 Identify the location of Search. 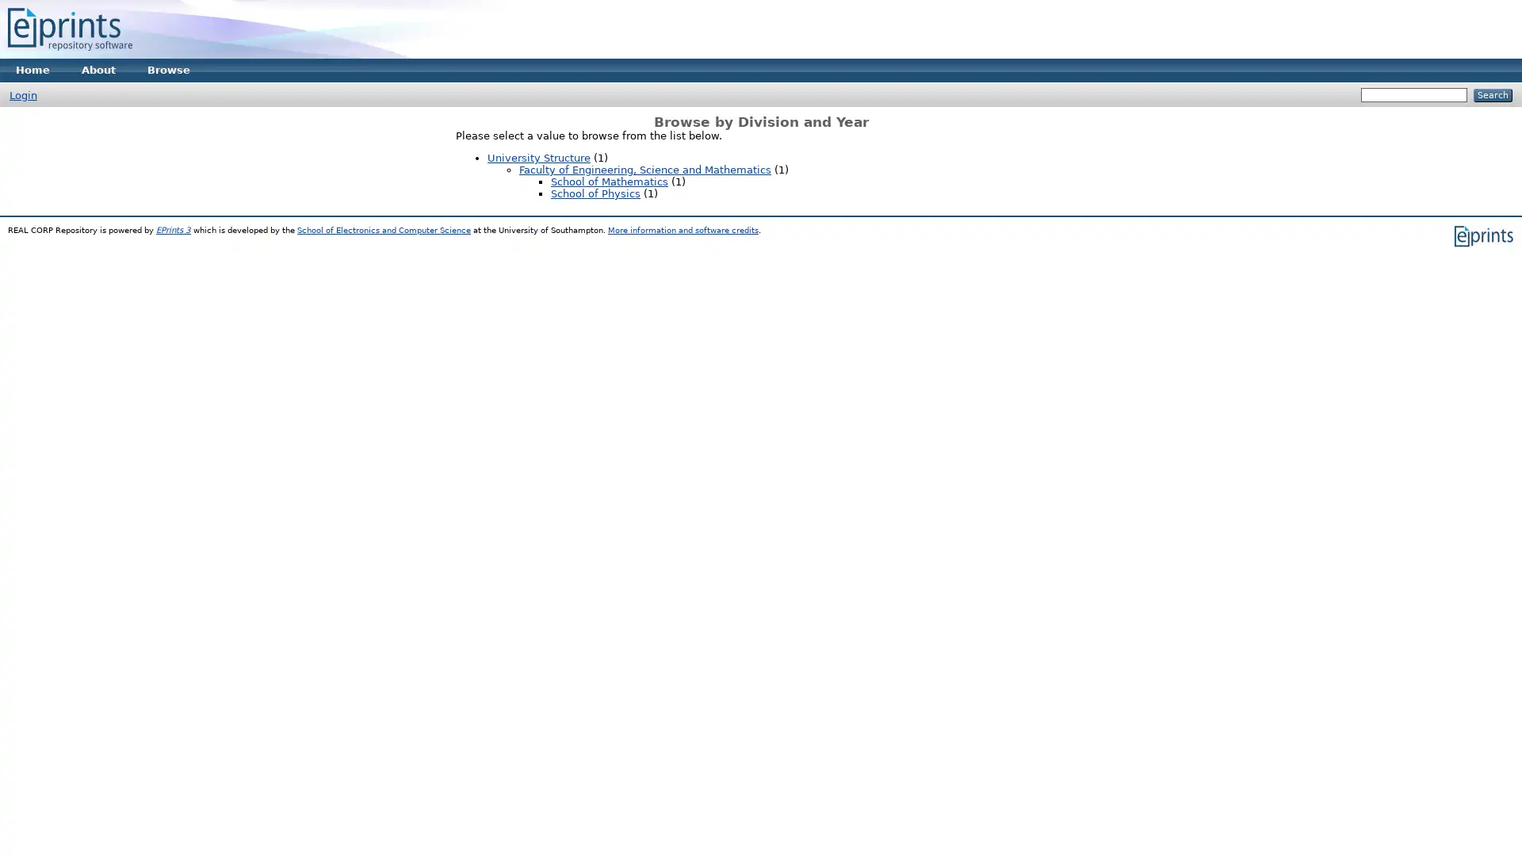
(1492, 95).